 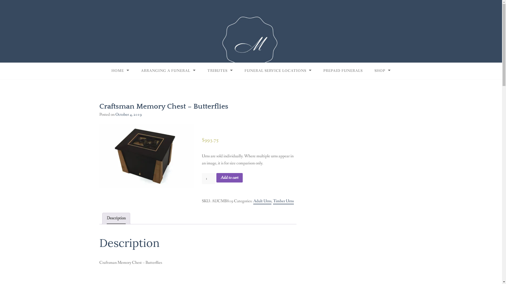 I want to click on 'SHOP', so click(x=382, y=70).